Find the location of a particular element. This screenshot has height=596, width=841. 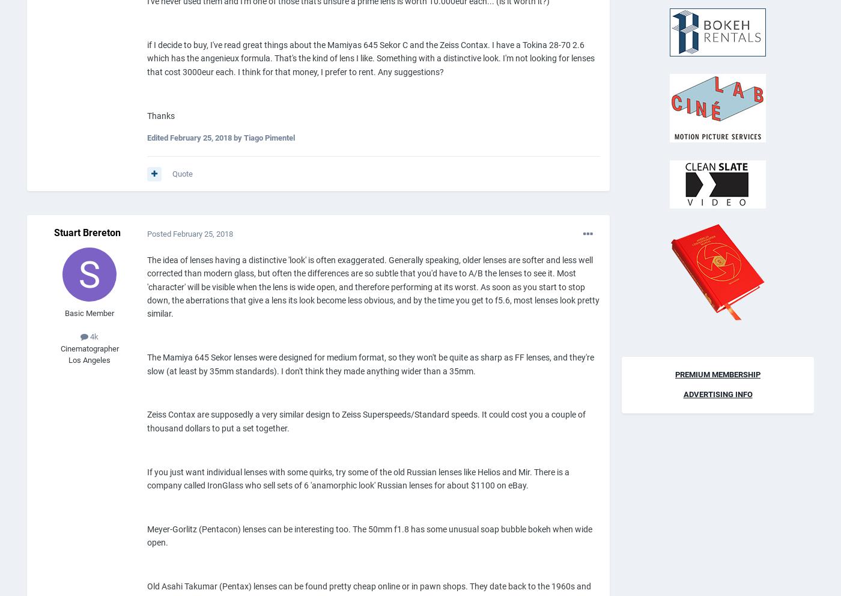

'Thanks' is located at coordinates (160, 114).